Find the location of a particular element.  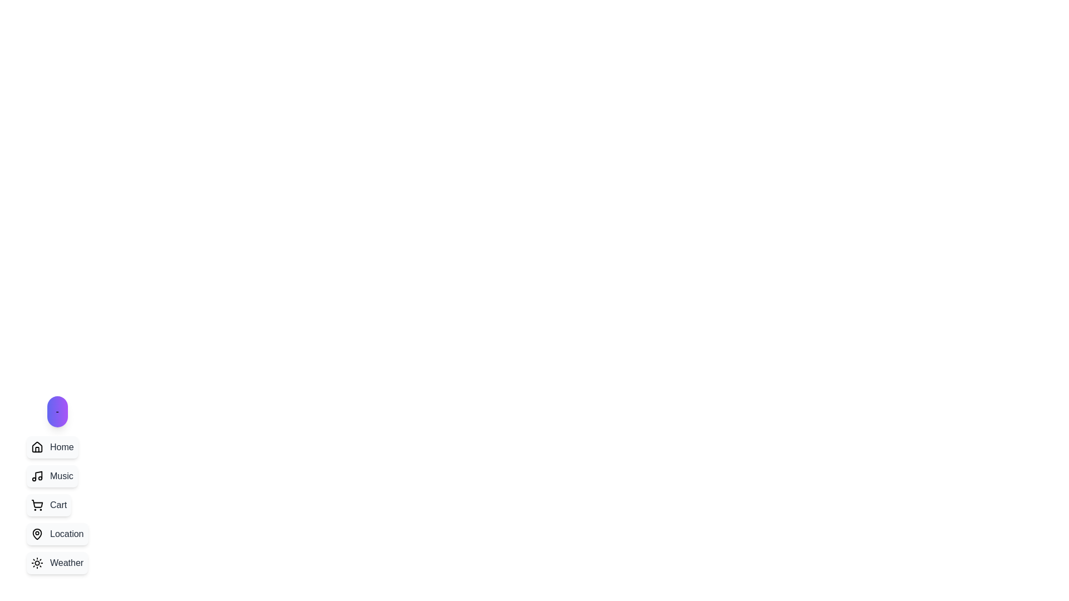

the visual information of the weather icon located on the left panel of the interface, specifically the last menu item labeled 'Weather', positioned to the left of the text label 'Weather' is located at coordinates (37, 563).